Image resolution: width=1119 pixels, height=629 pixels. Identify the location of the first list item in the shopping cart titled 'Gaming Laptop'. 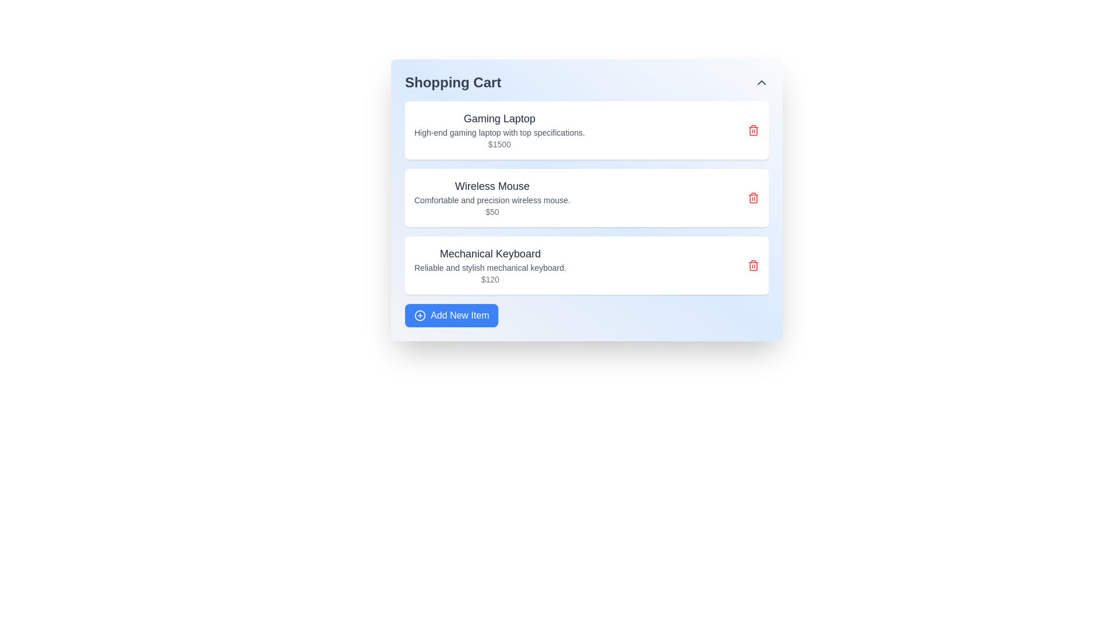
(587, 130).